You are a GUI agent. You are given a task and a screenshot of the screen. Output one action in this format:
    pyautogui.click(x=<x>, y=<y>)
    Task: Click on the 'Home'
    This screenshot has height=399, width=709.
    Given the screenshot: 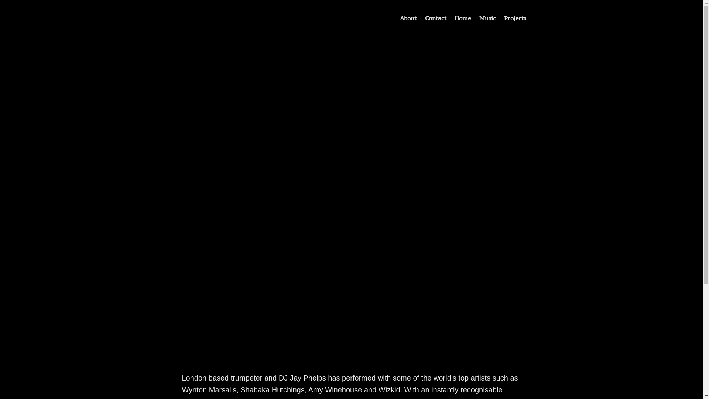 What is the action you would take?
    pyautogui.click(x=462, y=17)
    